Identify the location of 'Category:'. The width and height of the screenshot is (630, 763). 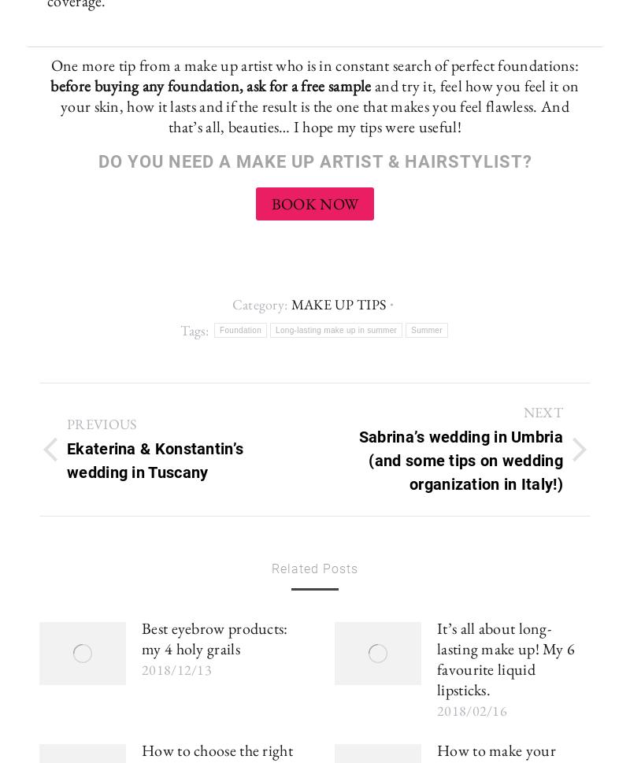
(260, 304).